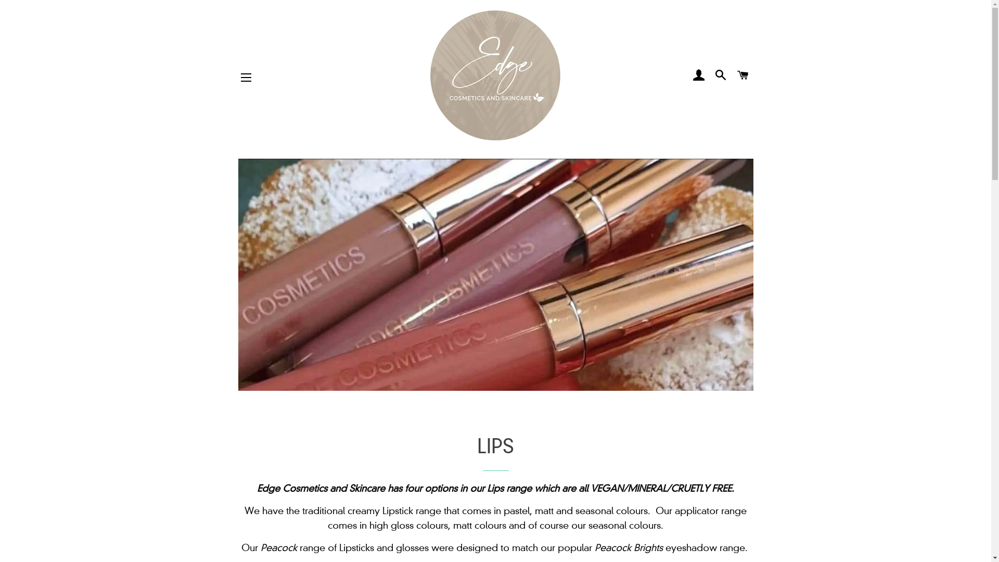  I want to click on 'SITE NAVIGATION', so click(246, 77).